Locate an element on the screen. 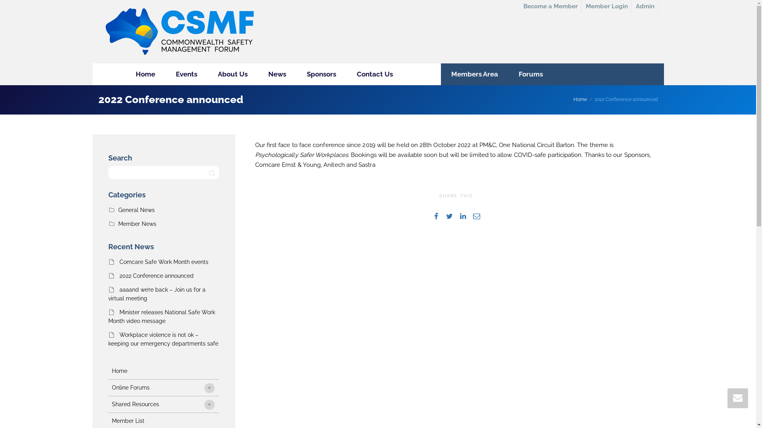 The height and width of the screenshot is (428, 762). 'Member Login' is located at coordinates (606, 6).